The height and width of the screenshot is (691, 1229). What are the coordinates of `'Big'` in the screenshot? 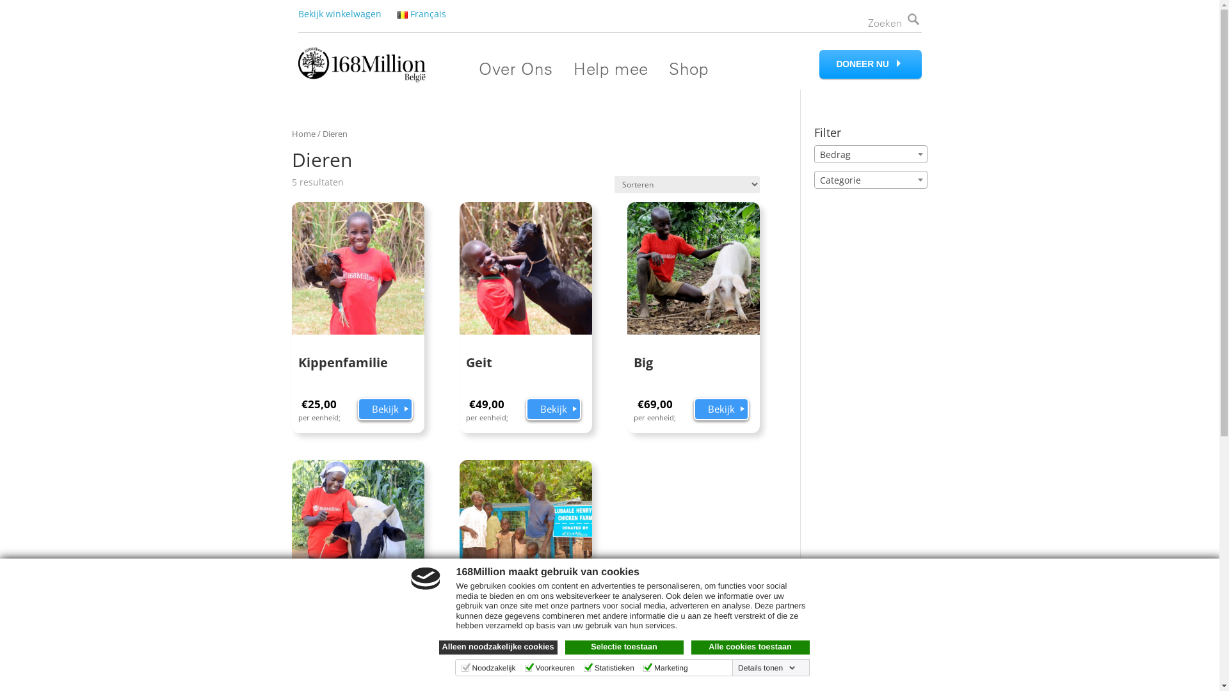 It's located at (693, 294).